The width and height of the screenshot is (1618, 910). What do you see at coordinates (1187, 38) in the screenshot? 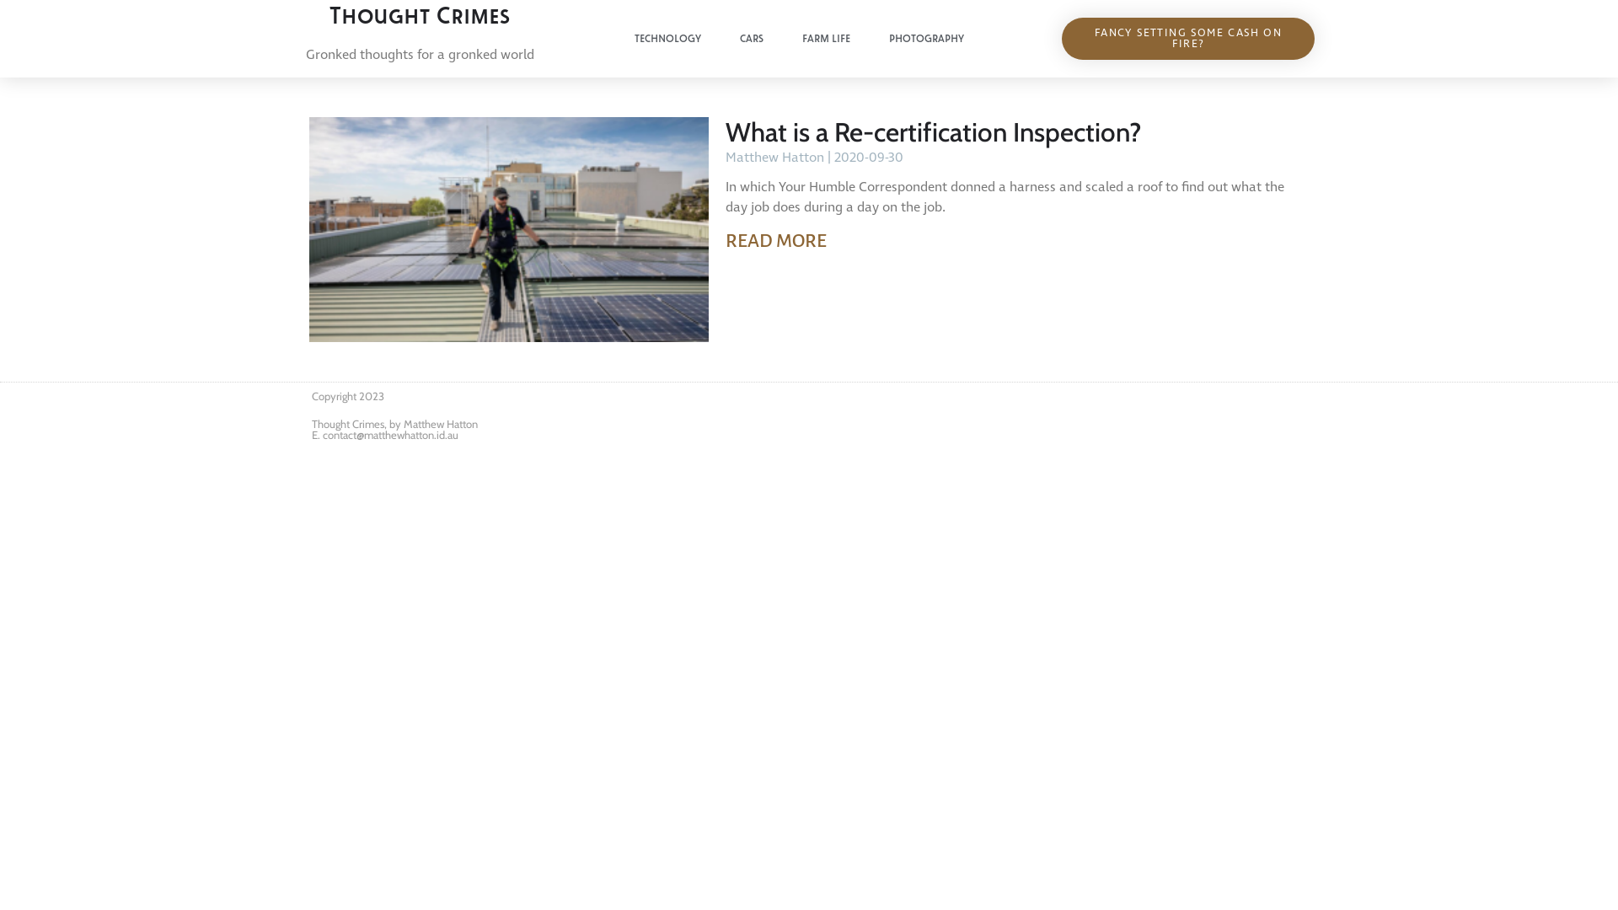
I see `'FANCY SETTING SOME CASH ON FIRE?'` at bounding box center [1187, 38].